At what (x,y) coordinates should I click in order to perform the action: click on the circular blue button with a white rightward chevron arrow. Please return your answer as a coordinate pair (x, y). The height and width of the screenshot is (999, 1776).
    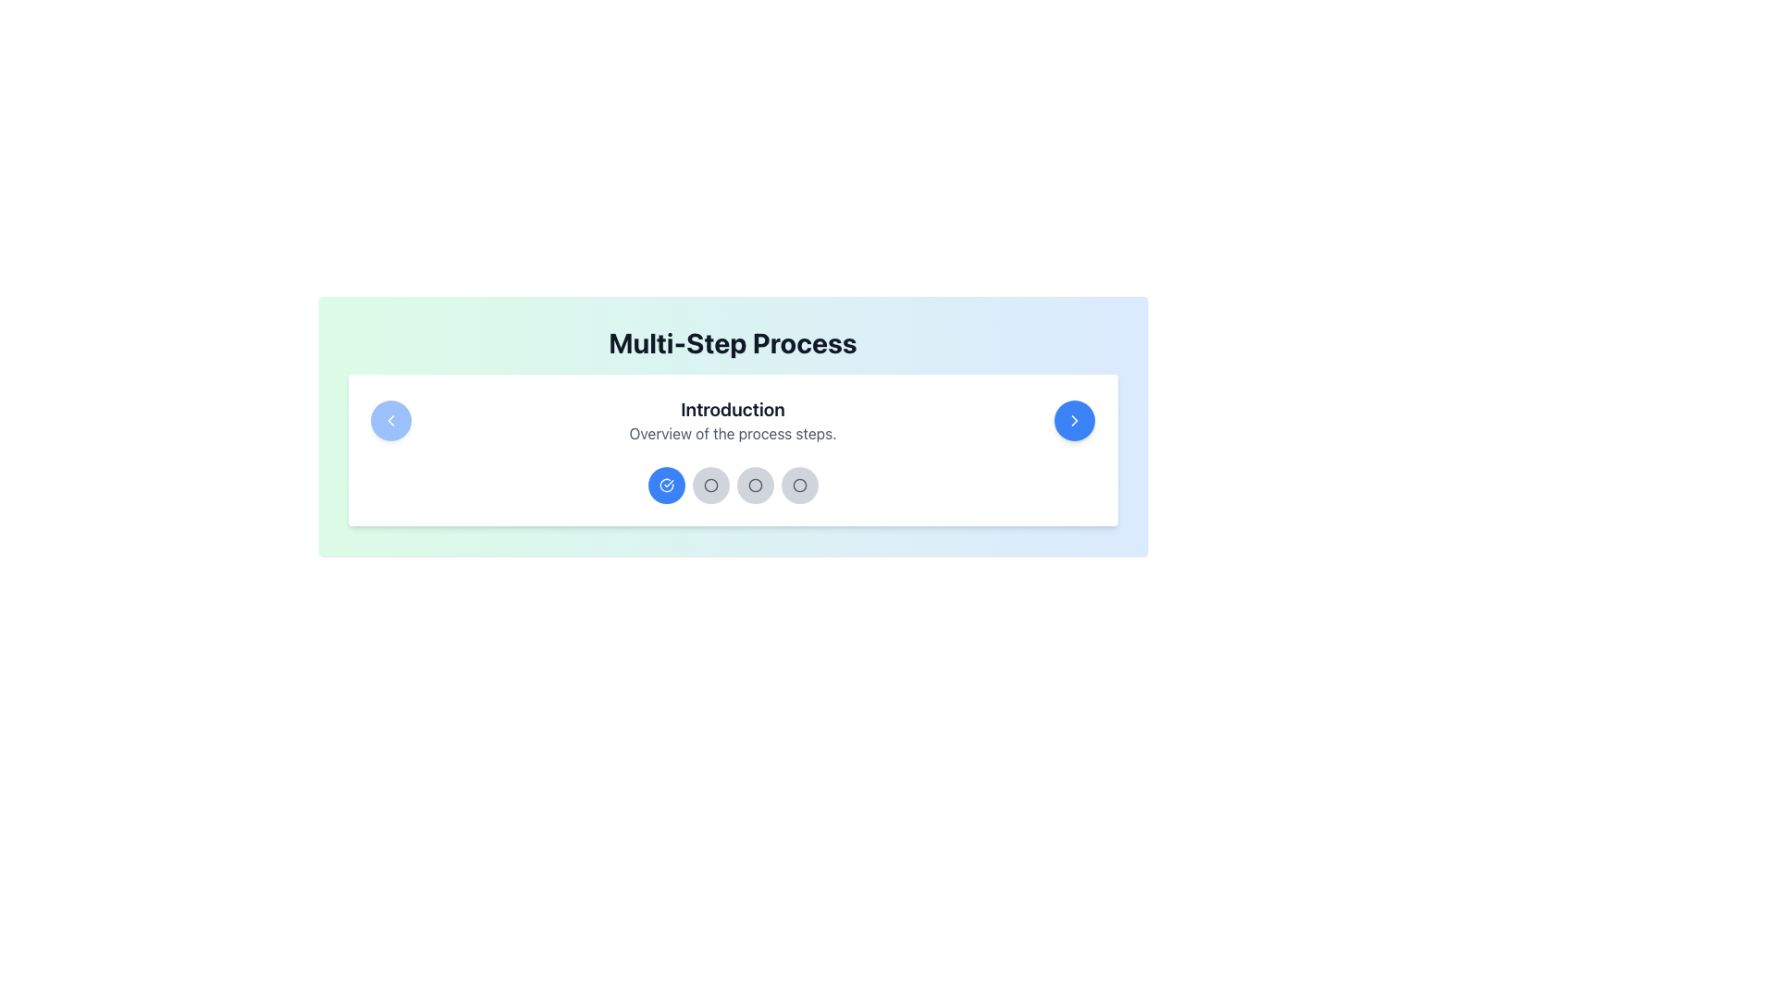
    Looking at the image, I should click on (1075, 421).